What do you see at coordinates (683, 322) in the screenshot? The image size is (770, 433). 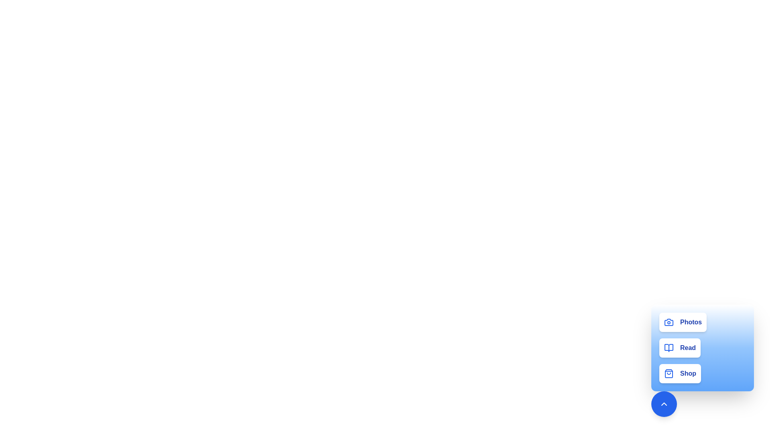 I see `the button corresponding to the activity 'Photos'` at bounding box center [683, 322].